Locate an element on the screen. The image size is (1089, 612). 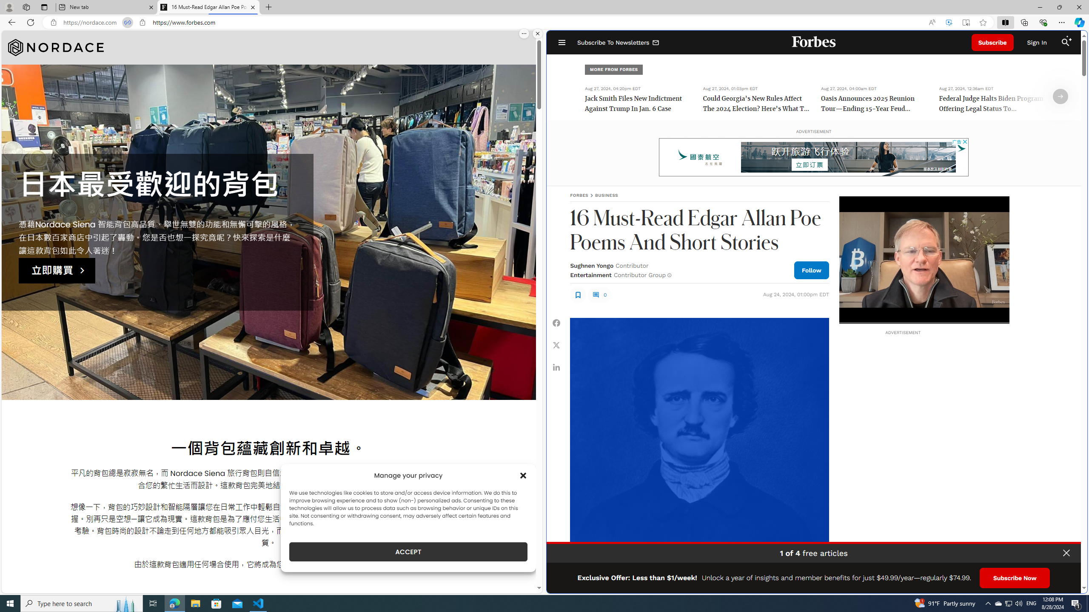
'Share Linkedin' is located at coordinates (556, 366).